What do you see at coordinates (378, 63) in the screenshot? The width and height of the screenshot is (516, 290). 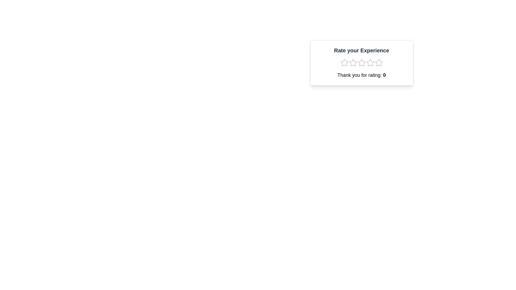 I see `the fifth star icon in the interactive rating system located under the 'Rate your Experience' text to rate it` at bounding box center [378, 63].